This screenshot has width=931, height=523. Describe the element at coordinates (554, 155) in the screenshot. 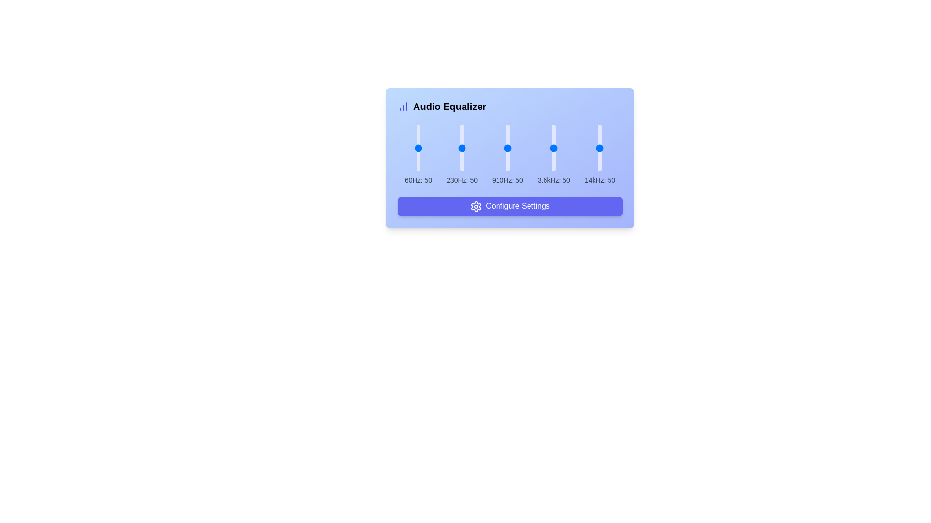

I see `the 3.6kHz audio equalizer slider` at that location.